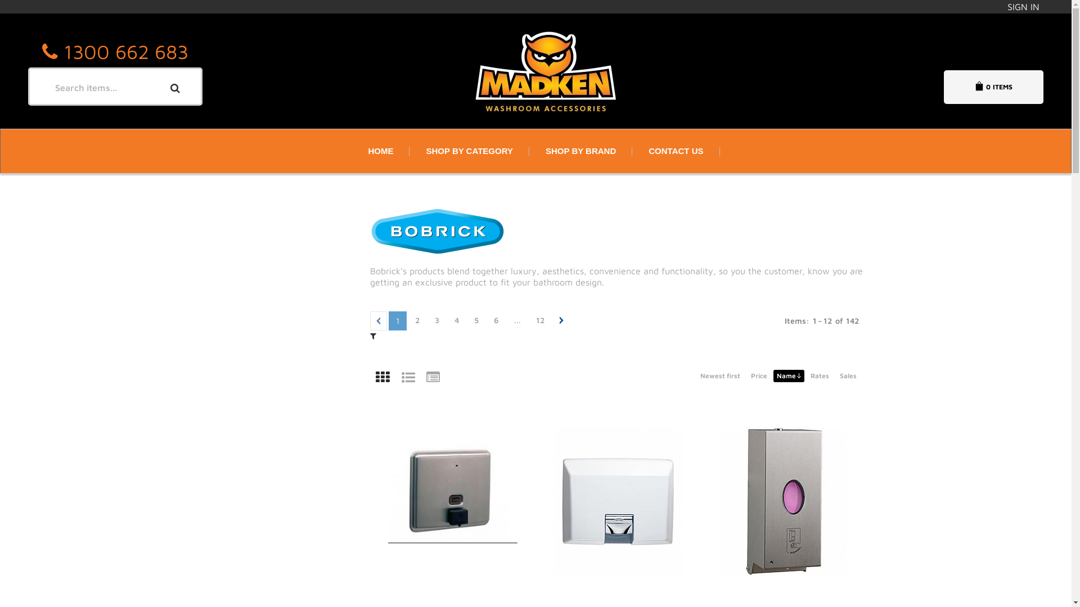  I want to click on '4', so click(447, 320).